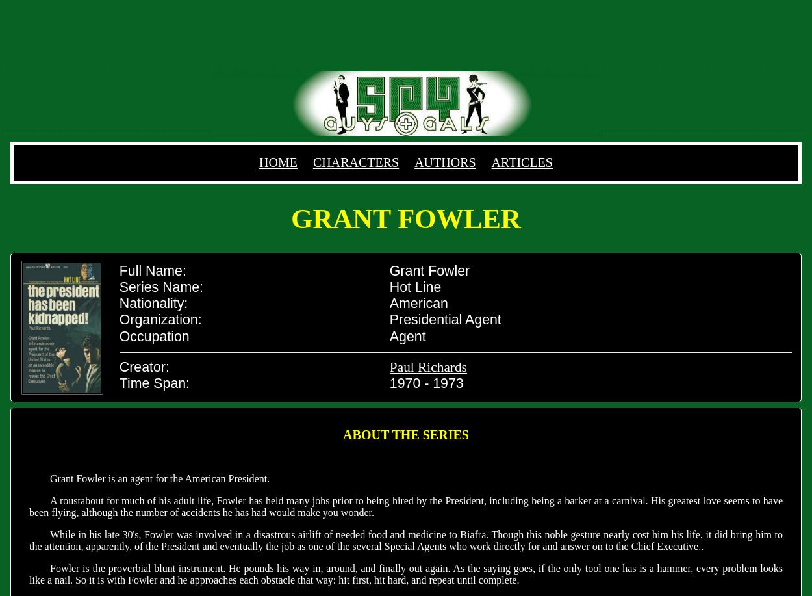 The width and height of the screenshot is (812, 596). What do you see at coordinates (119, 383) in the screenshot?
I see `'Time Span:'` at bounding box center [119, 383].